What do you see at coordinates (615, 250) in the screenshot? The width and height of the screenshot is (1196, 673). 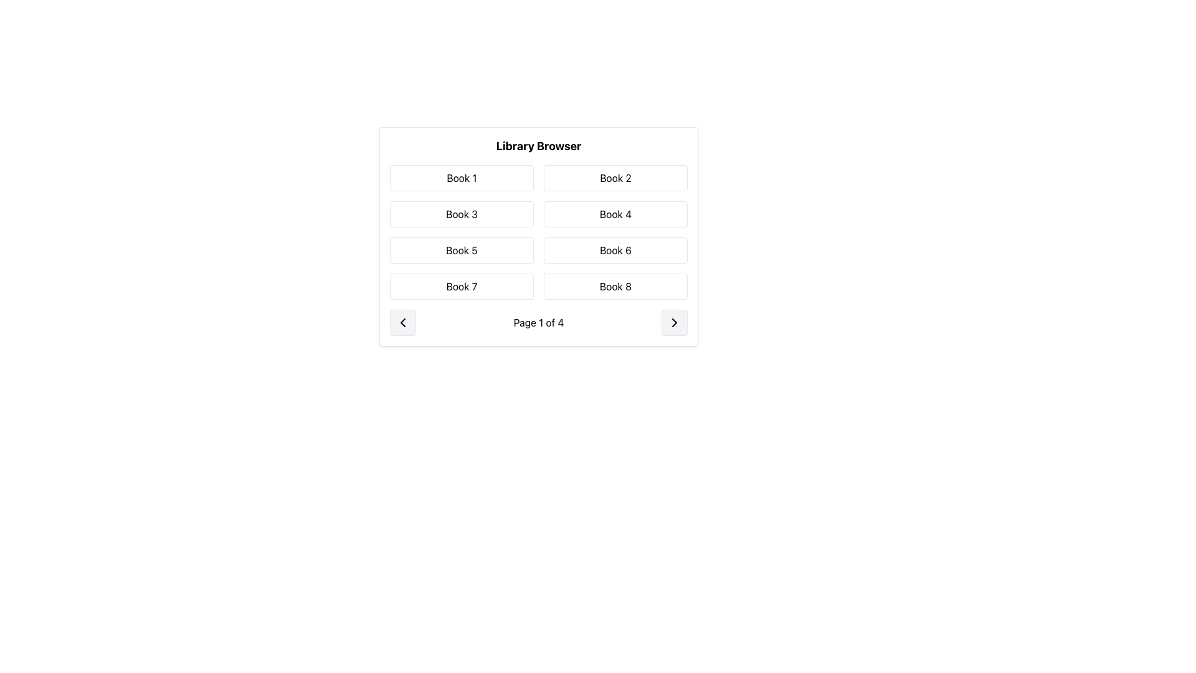 I see `the 'Book 6' button, which is a rectangular button with rounded corners, styled with borders and padding, located in the third row and second column of the grid layout` at bounding box center [615, 250].